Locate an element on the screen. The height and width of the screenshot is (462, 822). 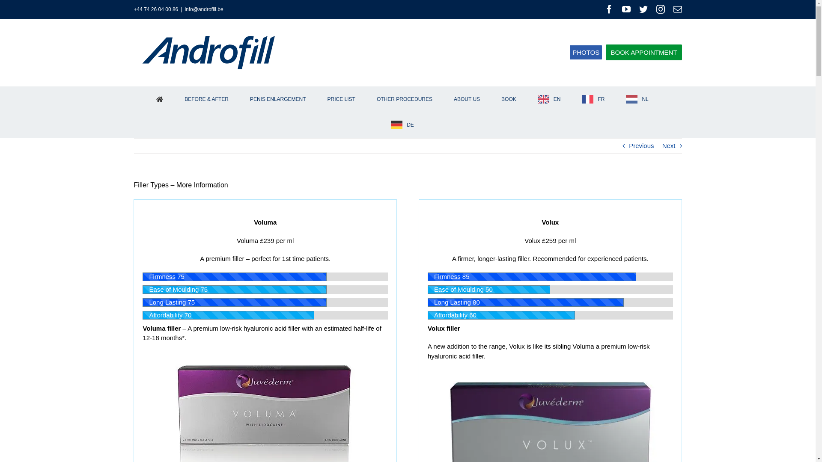
'ABOUT US' is located at coordinates (466, 98).